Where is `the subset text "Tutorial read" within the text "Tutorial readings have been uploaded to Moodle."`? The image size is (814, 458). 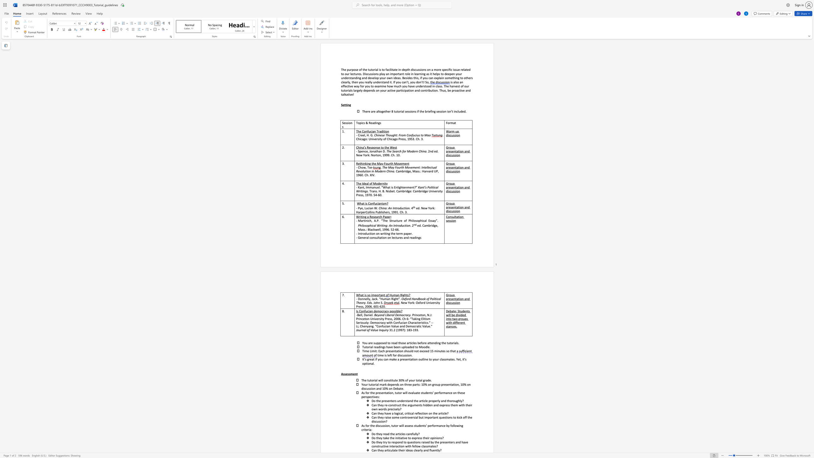
the subset text "Tutorial read" within the text "Tutorial readings have been uploaded to Moodle." is located at coordinates (362, 346).